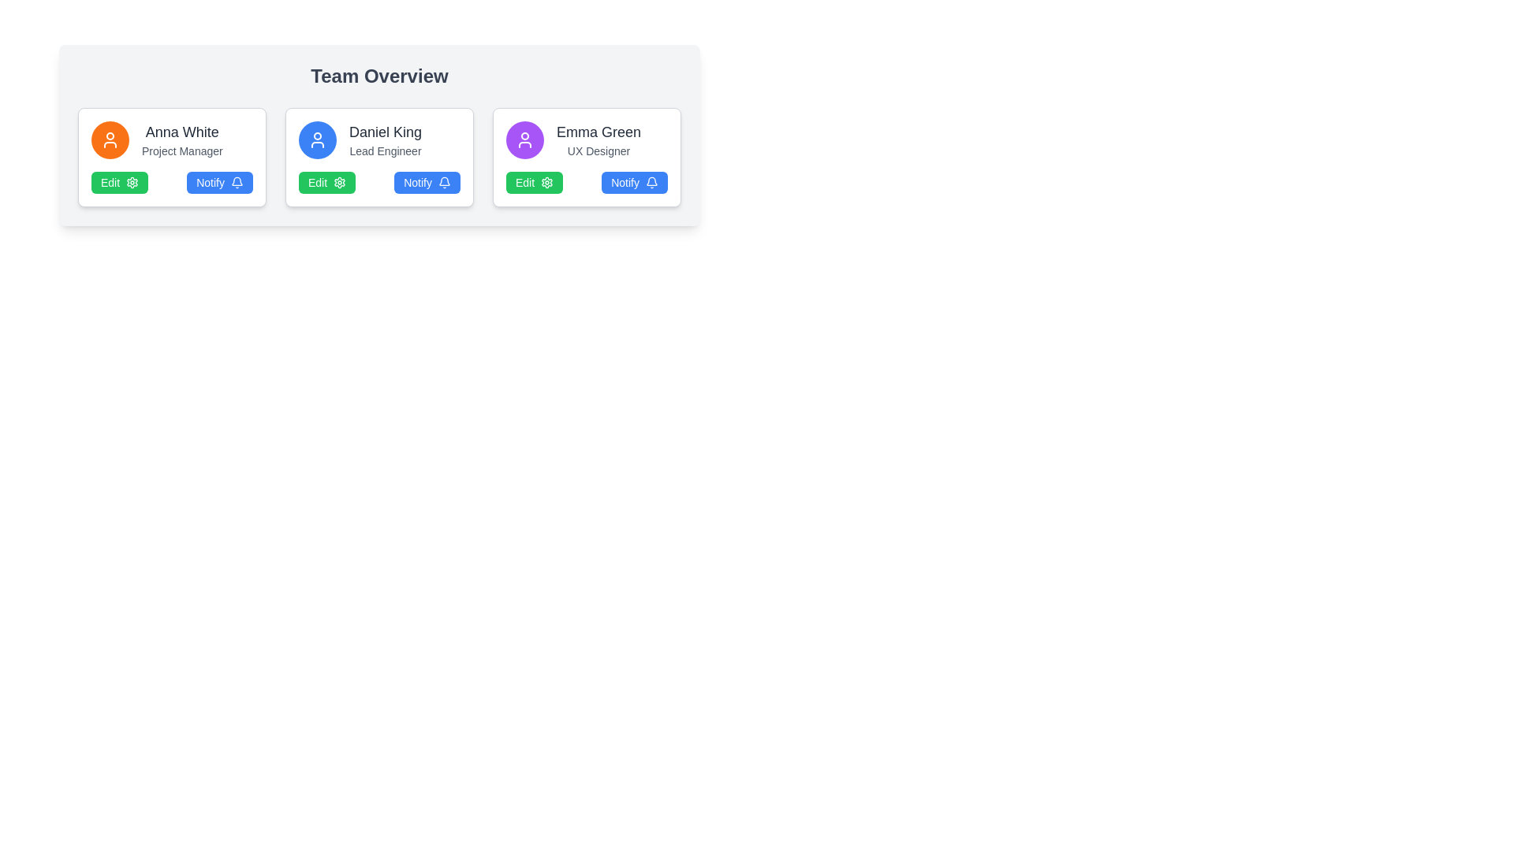 This screenshot has width=1514, height=851. What do you see at coordinates (339, 181) in the screenshot?
I see `the gear icon with a green background located within the 'Edit' button of the second card representing 'Daniel King'` at bounding box center [339, 181].